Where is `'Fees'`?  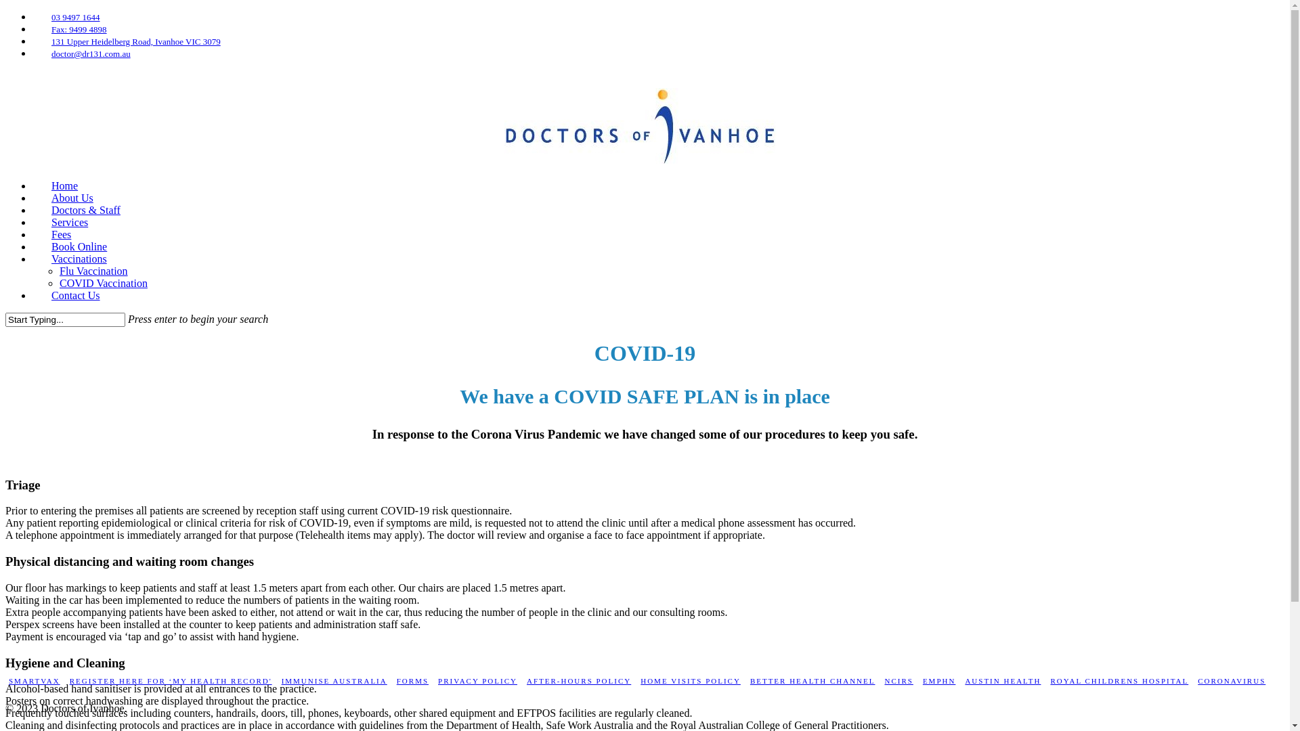 'Fees' is located at coordinates (60, 234).